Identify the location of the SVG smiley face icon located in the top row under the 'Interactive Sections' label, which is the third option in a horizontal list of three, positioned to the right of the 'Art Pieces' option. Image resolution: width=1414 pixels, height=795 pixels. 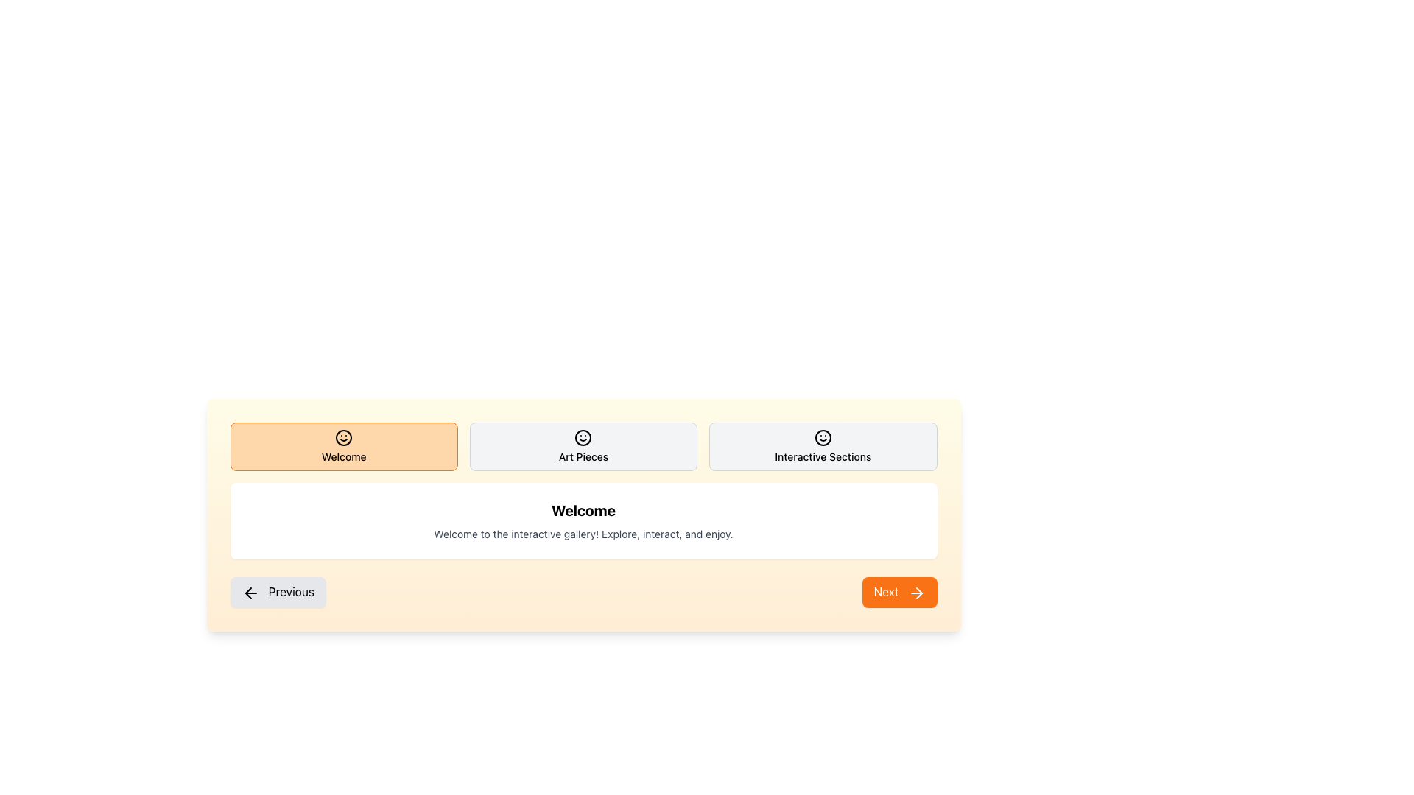
(822, 437).